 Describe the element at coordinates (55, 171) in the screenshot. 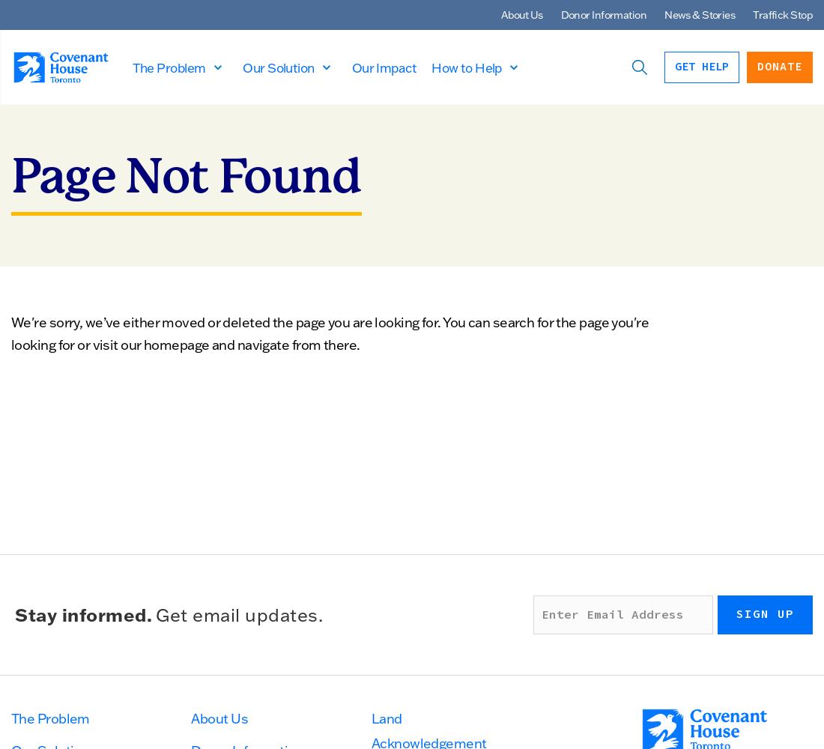

I see `'Careers'` at that location.